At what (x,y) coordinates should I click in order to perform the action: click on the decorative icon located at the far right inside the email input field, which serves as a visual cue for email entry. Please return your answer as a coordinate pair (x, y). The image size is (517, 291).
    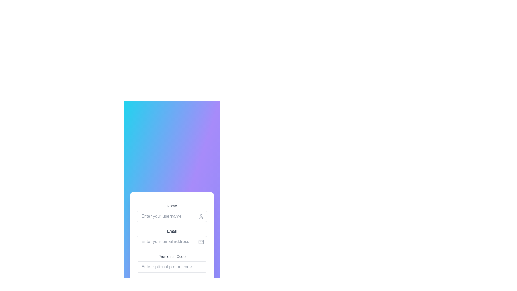
    Looking at the image, I should click on (201, 242).